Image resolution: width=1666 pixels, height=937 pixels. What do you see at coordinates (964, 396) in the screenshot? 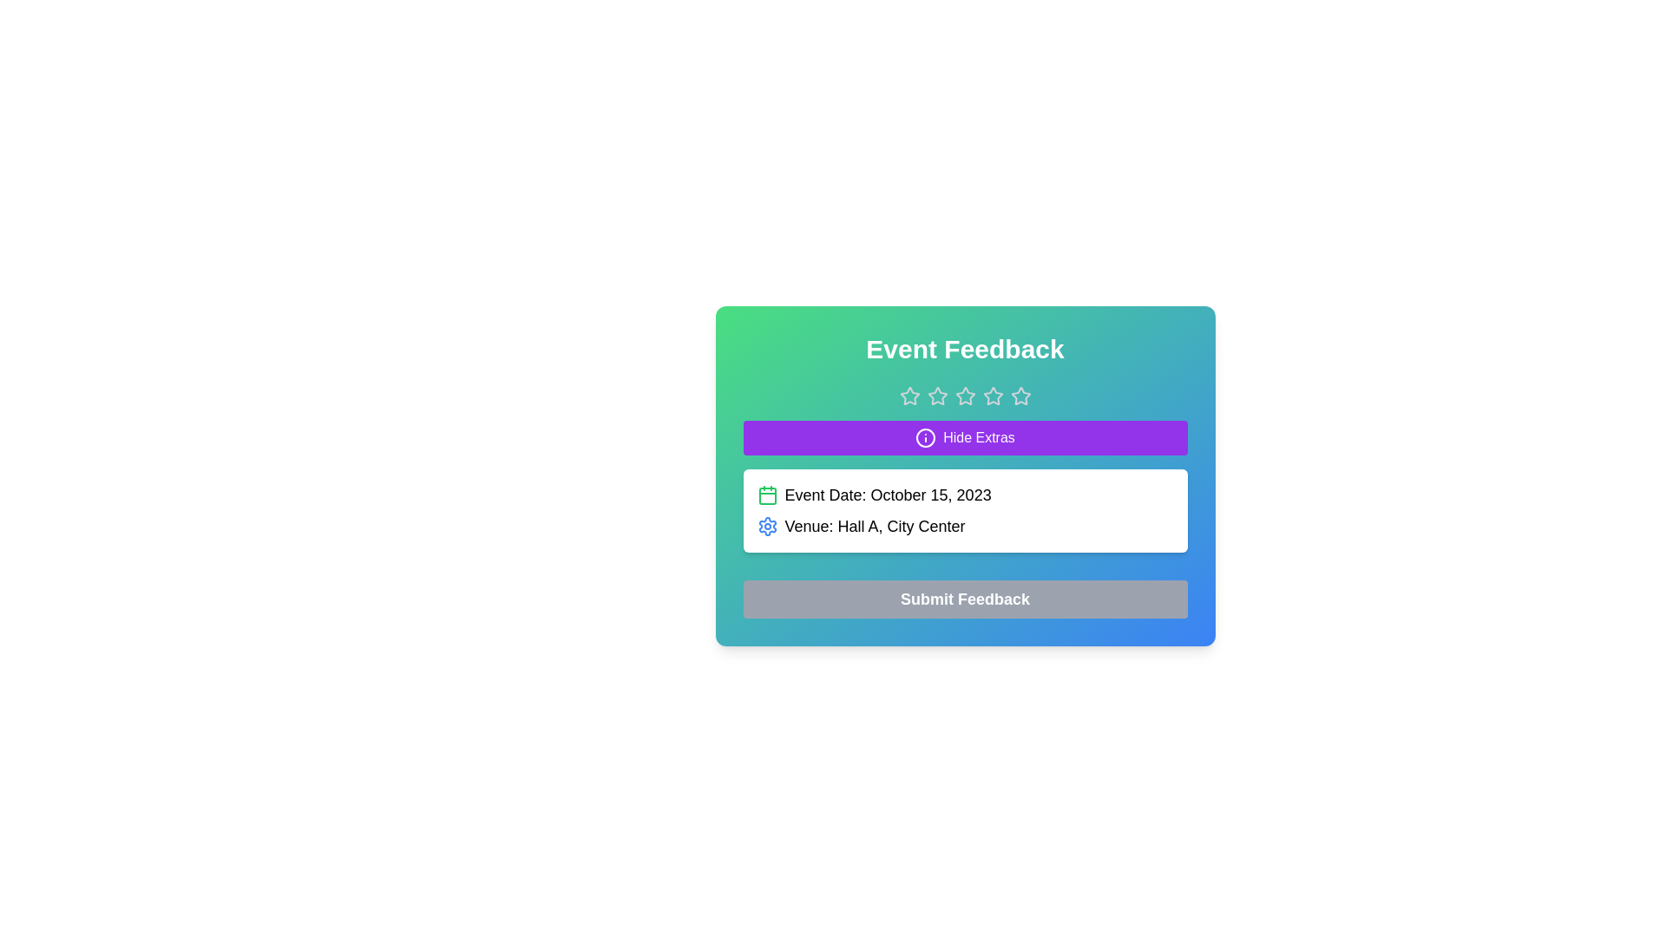
I see `the star corresponding to the desired rating 3` at bounding box center [964, 396].